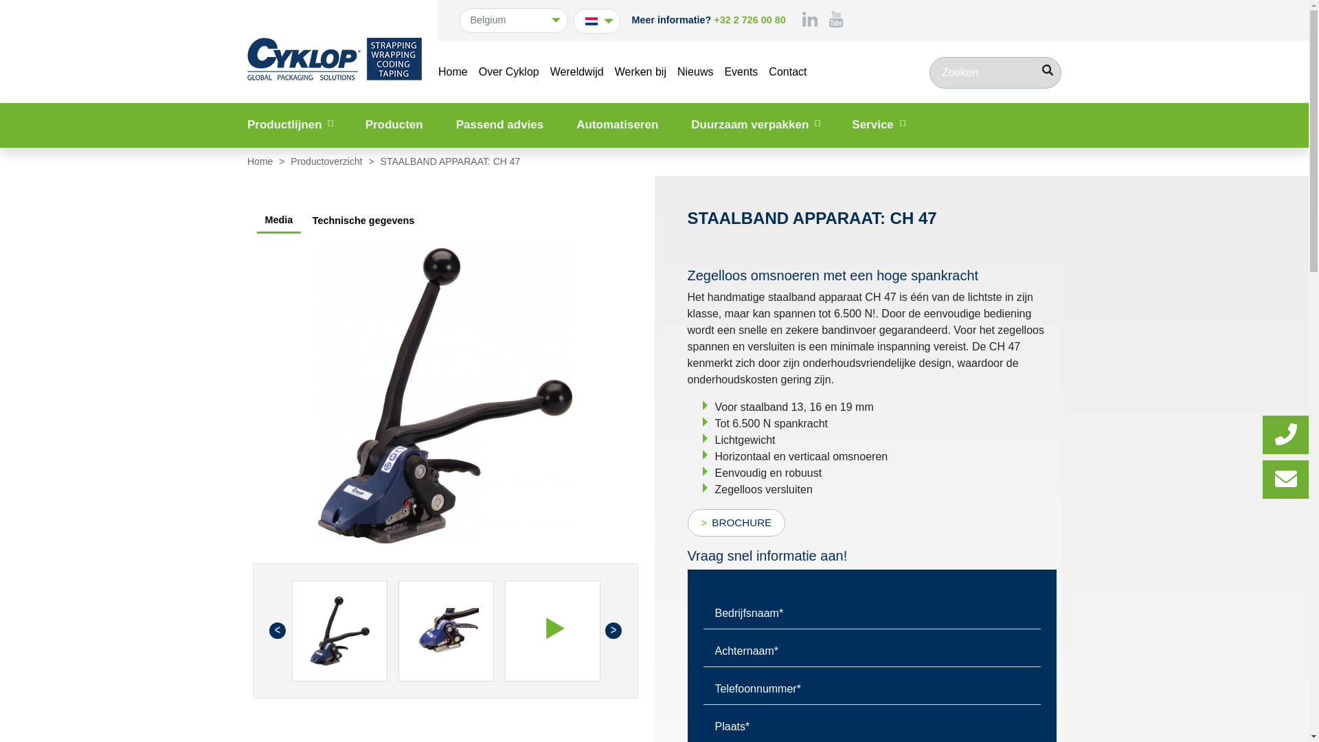  What do you see at coordinates (877, 124) in the screenshot?
I see `'Service'` at bounding box center [877, 124].